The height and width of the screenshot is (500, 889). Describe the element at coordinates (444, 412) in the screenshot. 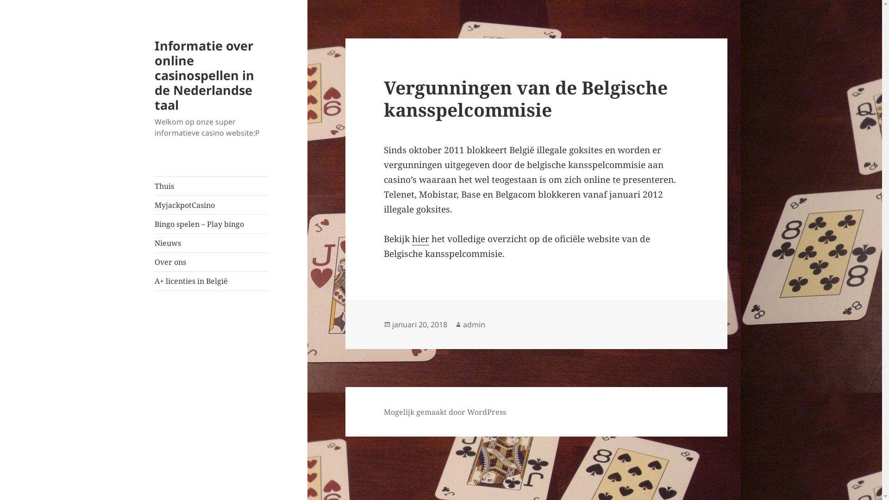

I see `'Mogelijk gemaakt door WordPress'` at that location.